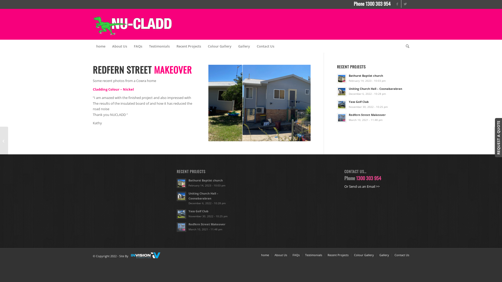  I want to click on 'home', so click(101, 46).